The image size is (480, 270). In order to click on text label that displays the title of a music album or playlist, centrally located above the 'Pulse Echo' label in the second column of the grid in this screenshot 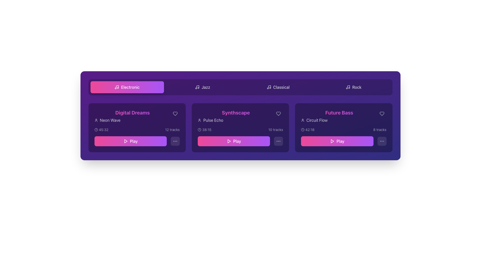, I will do `click(235, 113)`.